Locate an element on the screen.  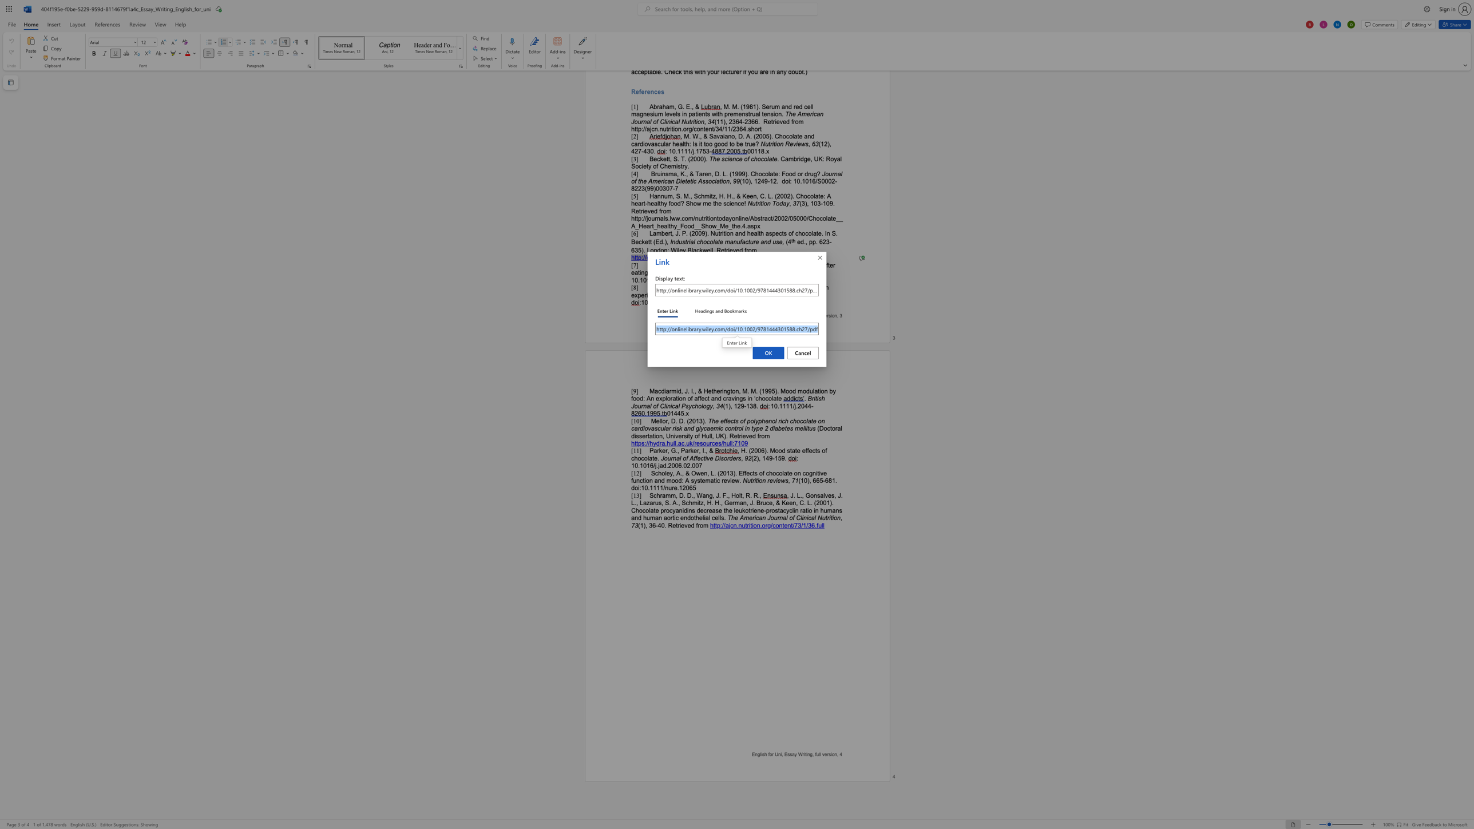
the 1th character "a" in the text is located at coordinates (793, 754).